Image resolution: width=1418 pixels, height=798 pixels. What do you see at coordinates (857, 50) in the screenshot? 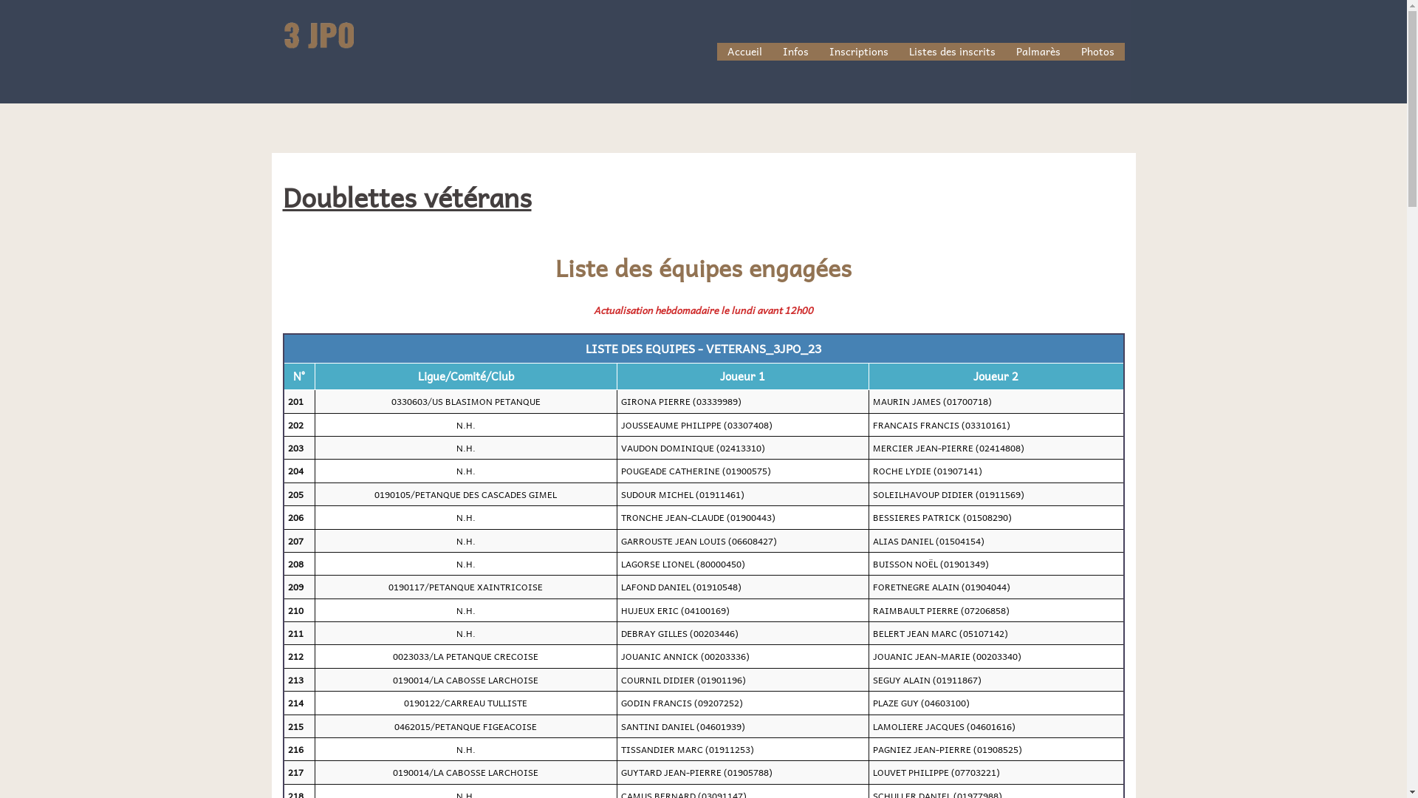
I see `'Inscriptions'` at bounding box center [857, 50].